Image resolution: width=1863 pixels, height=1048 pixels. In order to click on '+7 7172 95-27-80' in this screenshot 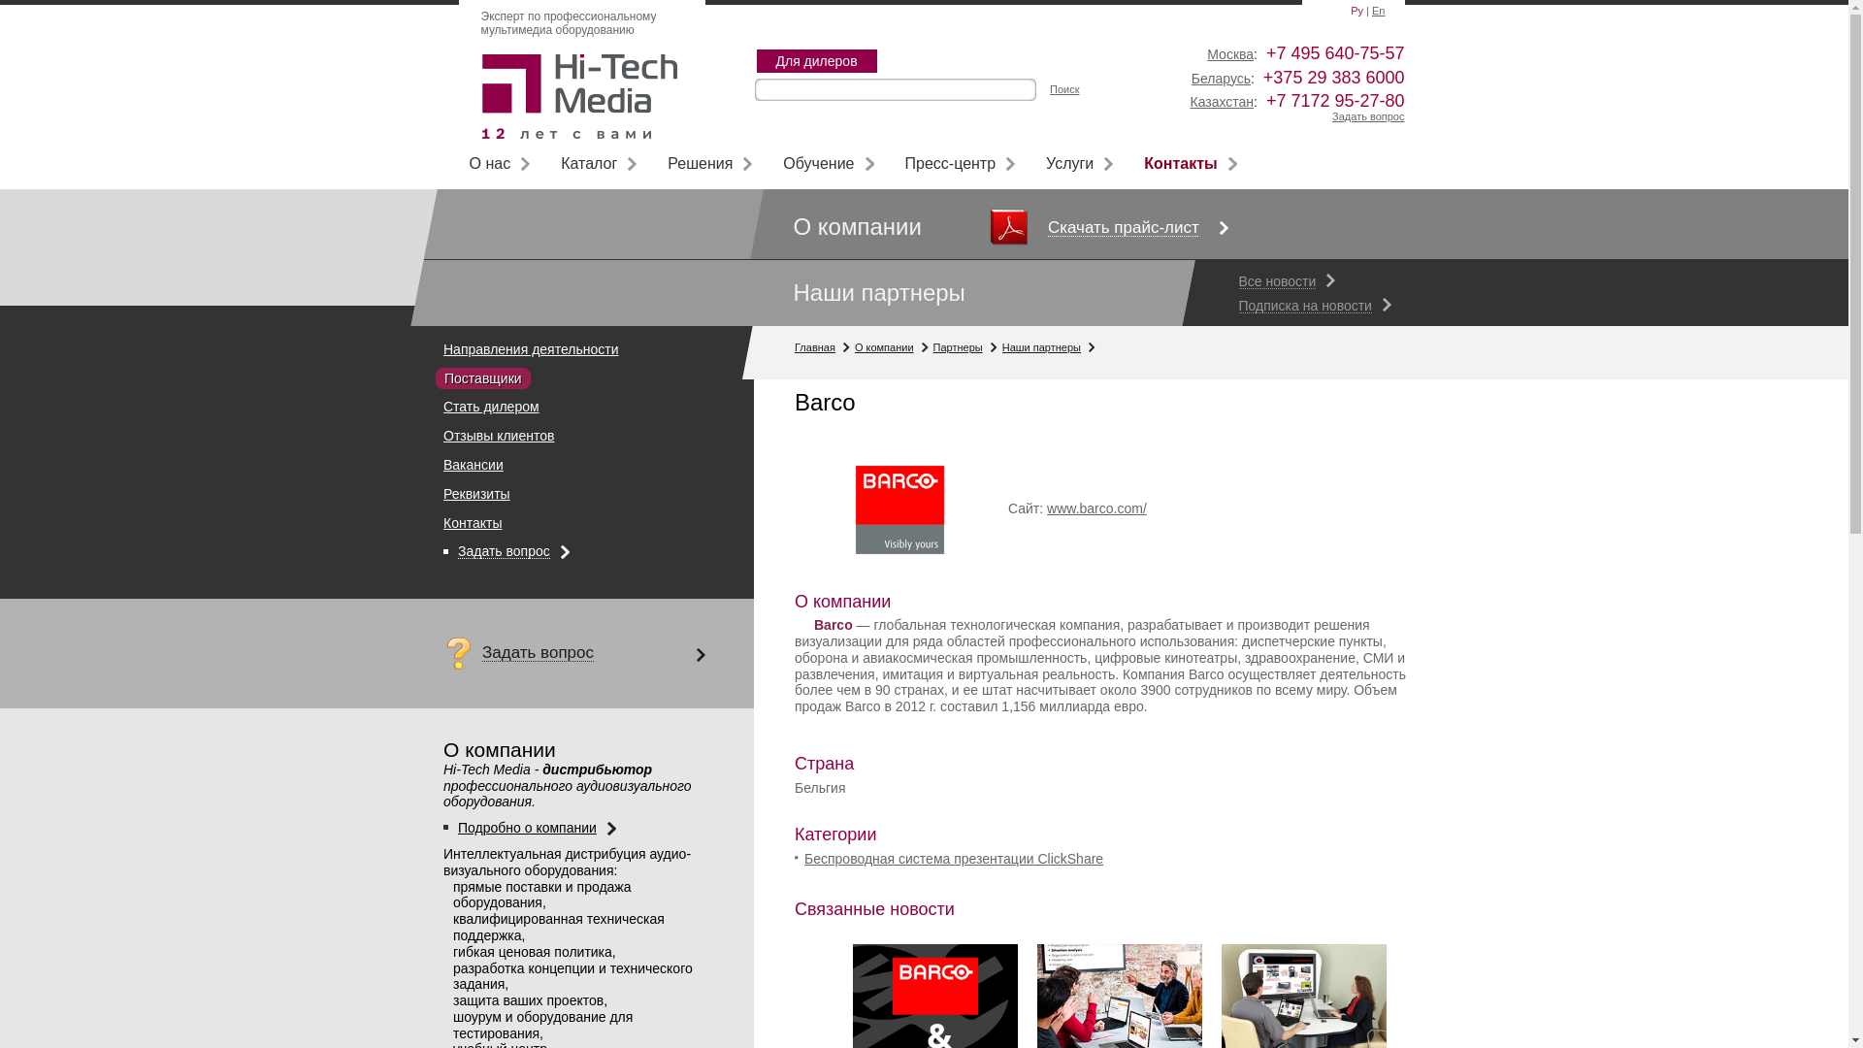, I will do `click(1334, 101)`.